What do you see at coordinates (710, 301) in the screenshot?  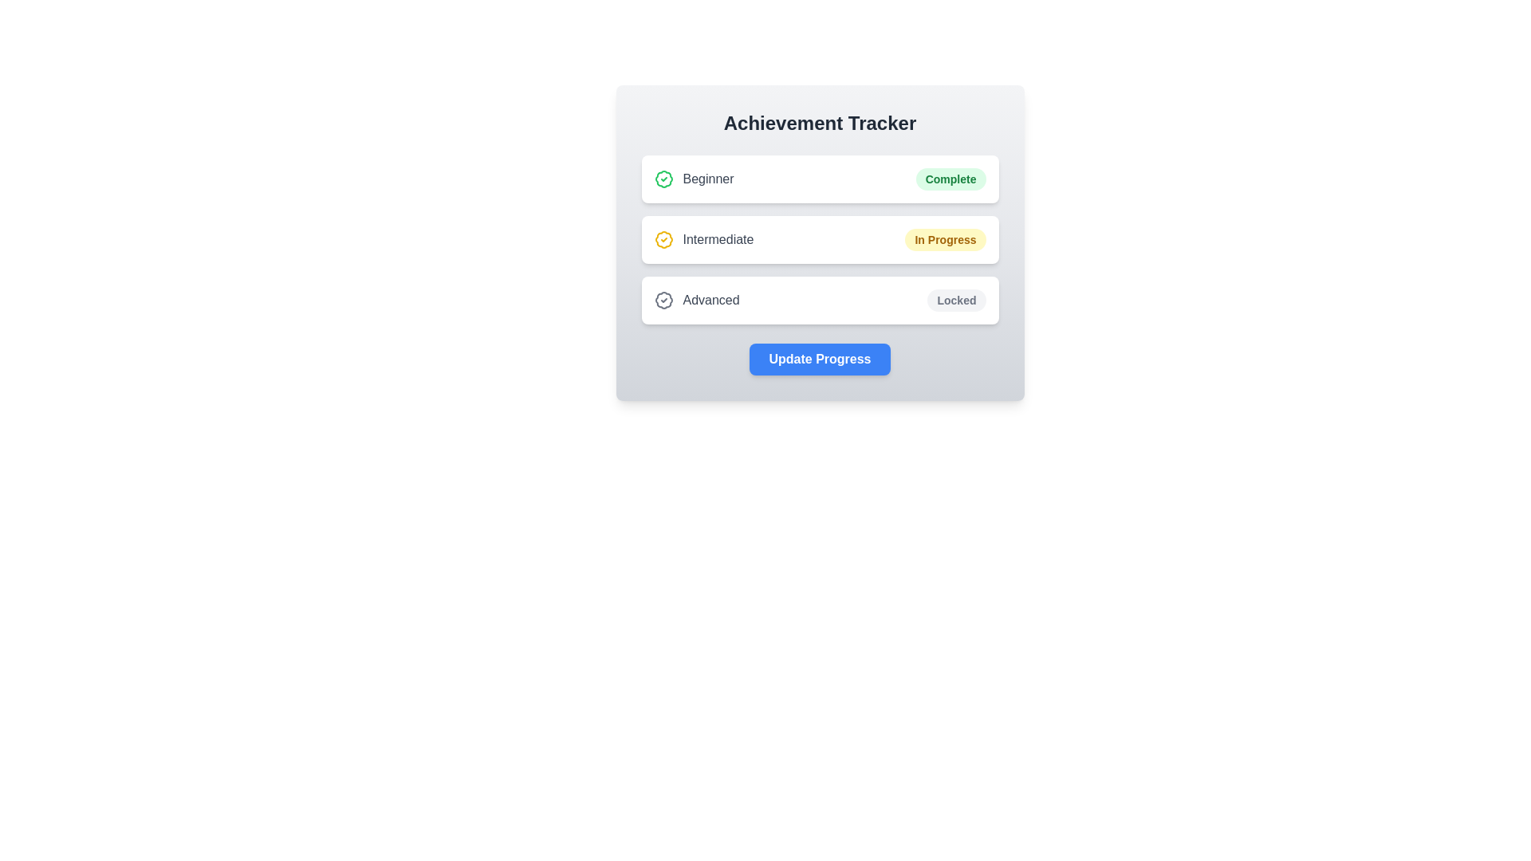 I see `the text label displaying 'Advanced', which is part of a vertical list of sections, aligned with an icon on the left and a 'Locked' label on the right` at bounding box center [710, 301].